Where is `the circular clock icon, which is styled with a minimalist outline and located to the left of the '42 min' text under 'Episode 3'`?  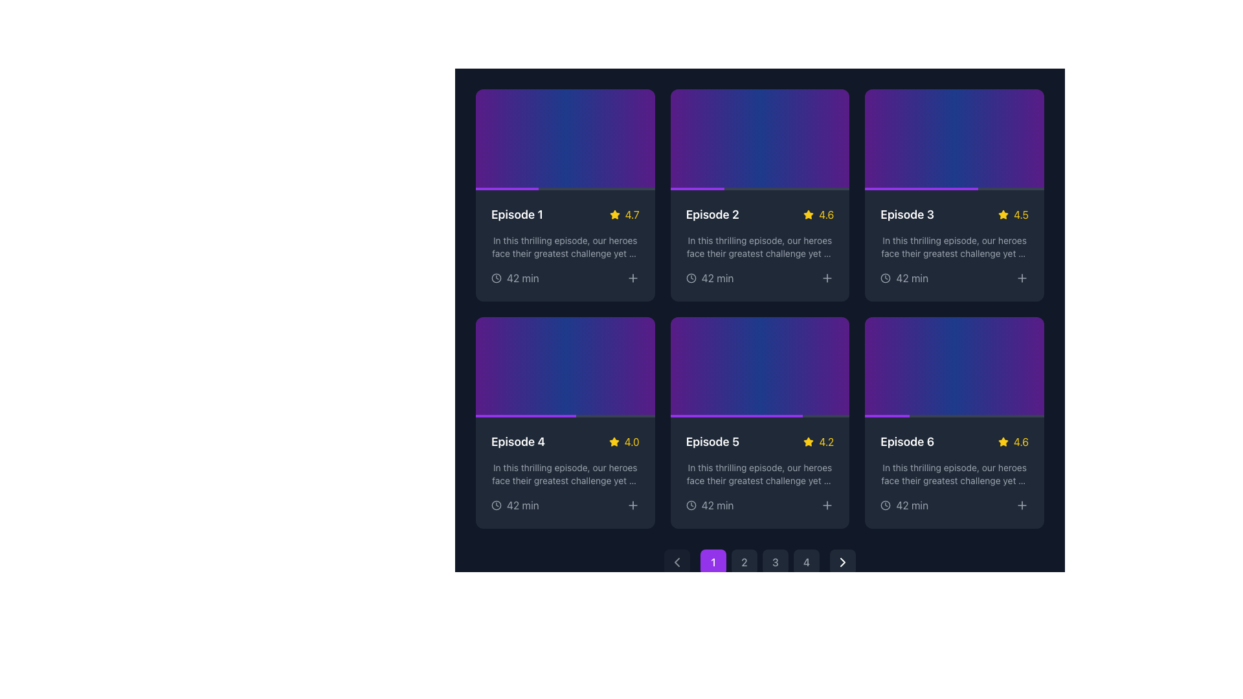
the circular clock icon, which is styled with a minimalist outline and located to the left of the '42 min' text under 'Episode 3' is located at coordinates (885, 277).